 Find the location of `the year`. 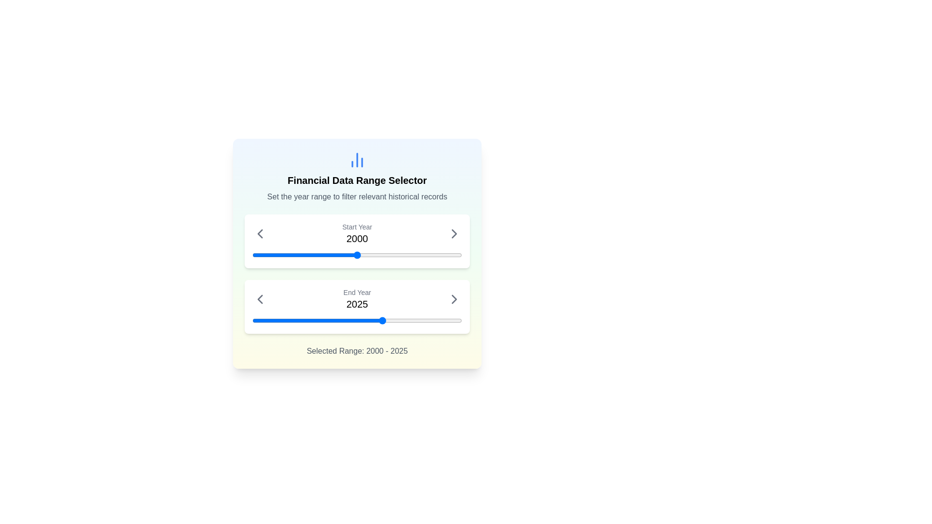

the year is located at coordinates (355, 320).